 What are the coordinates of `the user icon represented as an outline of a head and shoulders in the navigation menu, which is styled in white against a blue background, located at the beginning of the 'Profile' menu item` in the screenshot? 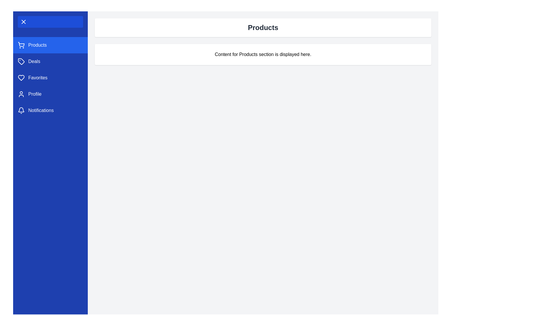 It's located at (21, 94).